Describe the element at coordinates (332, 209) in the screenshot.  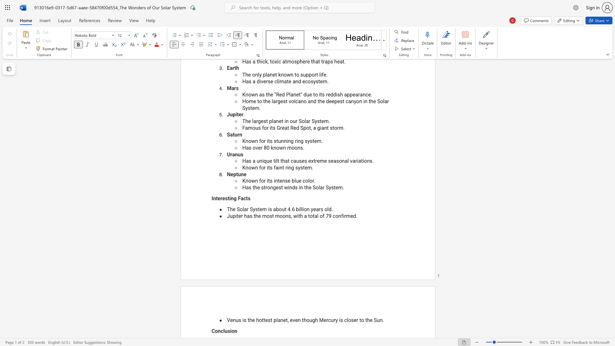
I see `the 2th character "." in the text` at that location.